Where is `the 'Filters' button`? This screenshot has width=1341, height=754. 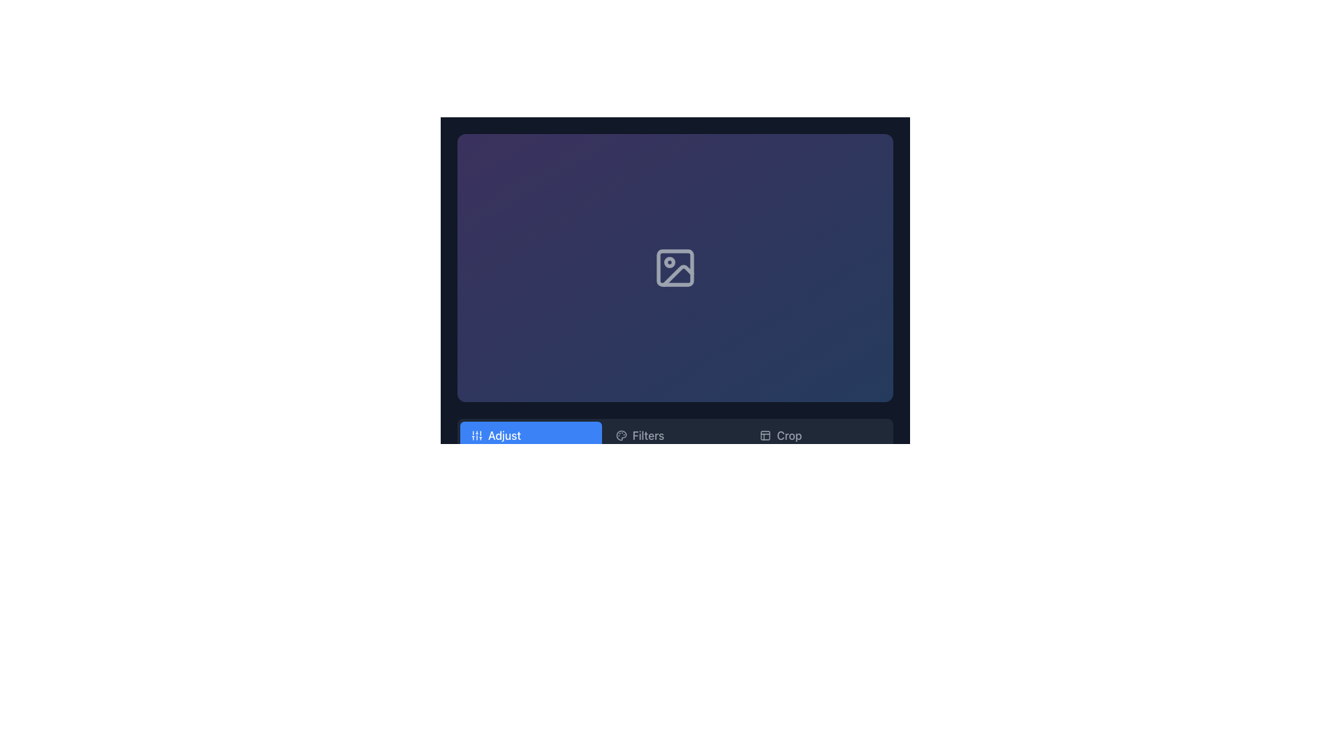 the 'Filters' button is located at coordinates (675, 435).